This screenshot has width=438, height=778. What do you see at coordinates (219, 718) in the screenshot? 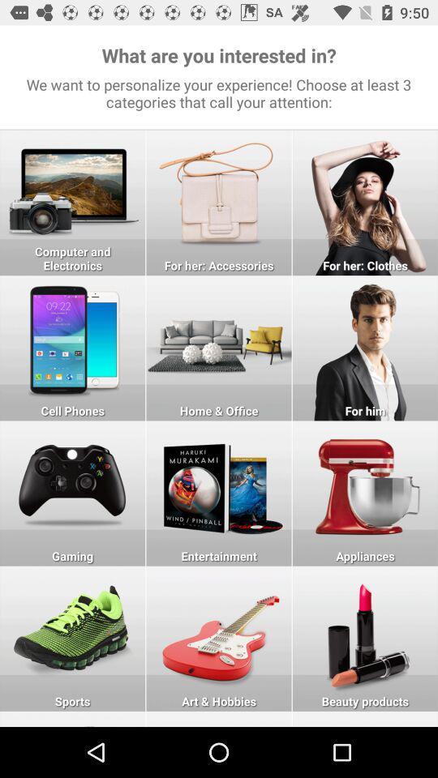
I see `art and hobbies option` at bounding box center [219, 718].